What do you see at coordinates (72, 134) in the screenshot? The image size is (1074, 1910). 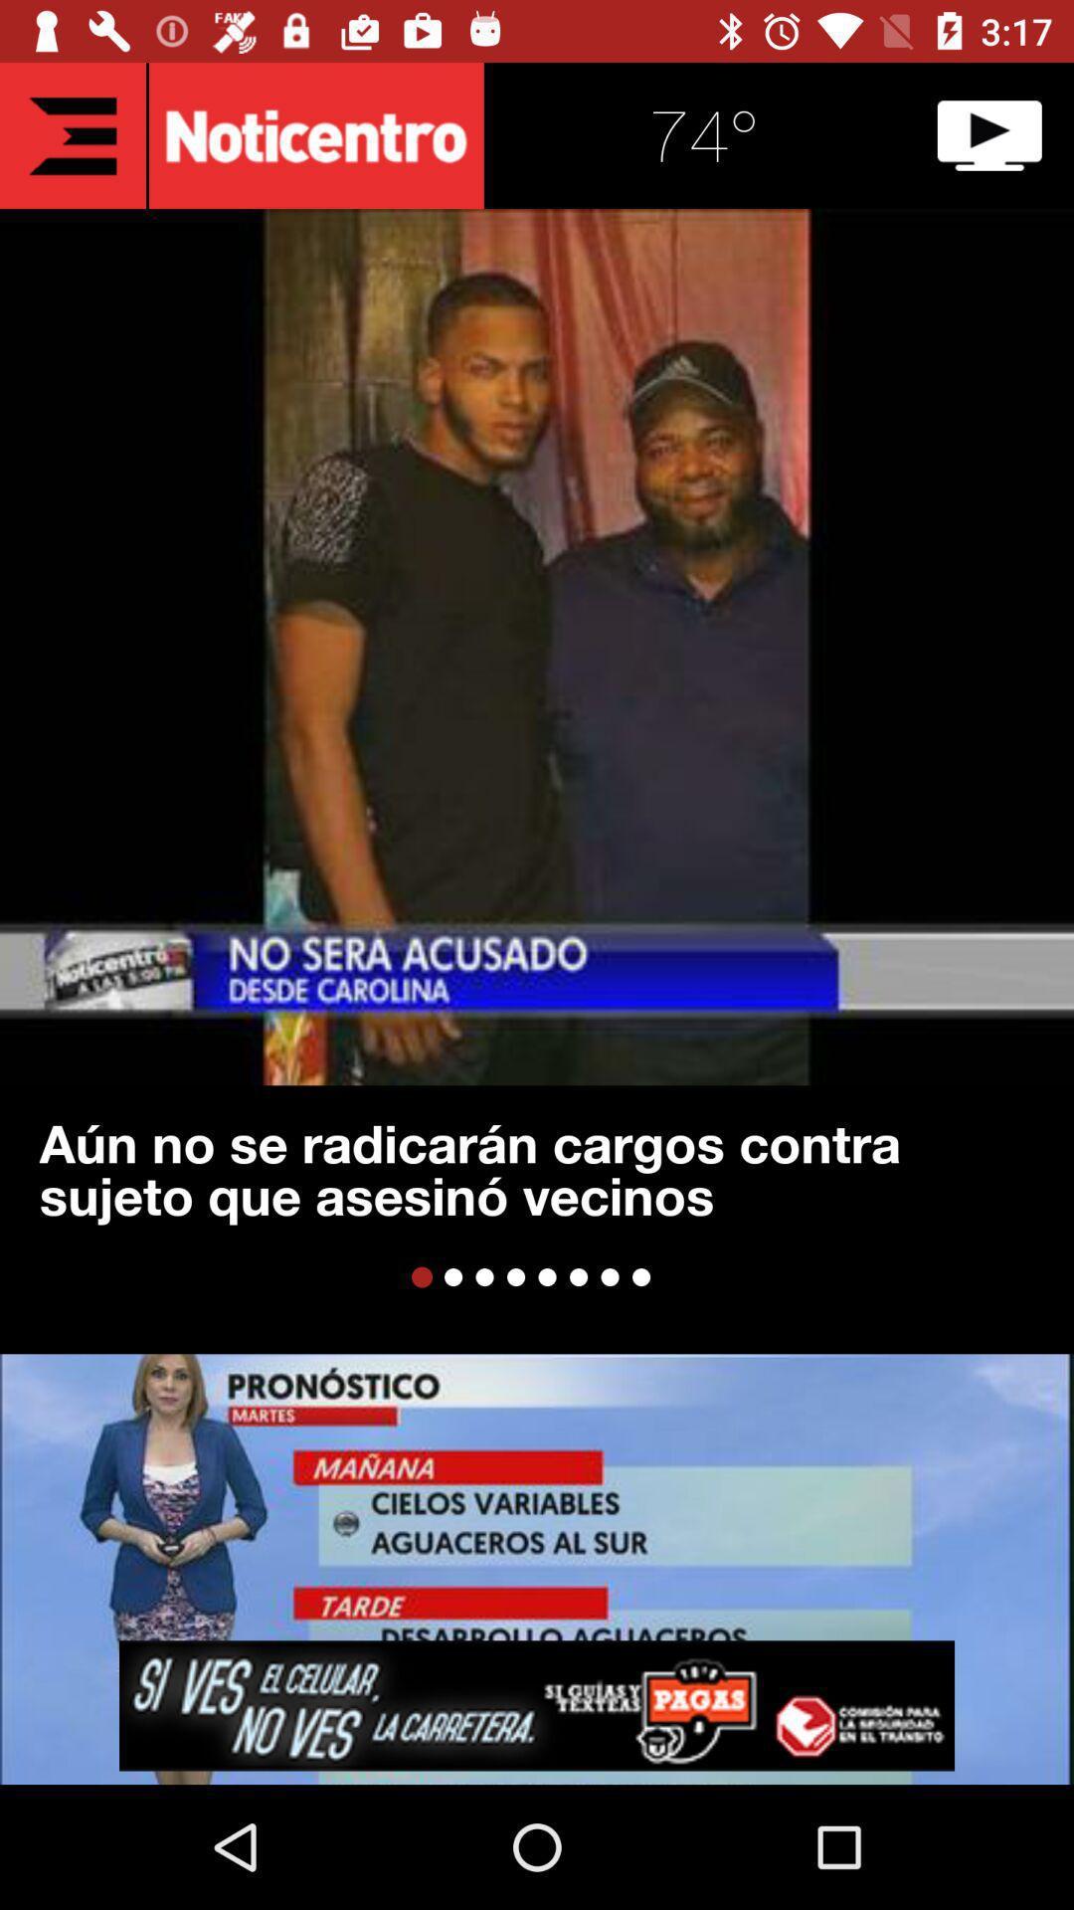 I see `notes` at bounding box center [72, 134].